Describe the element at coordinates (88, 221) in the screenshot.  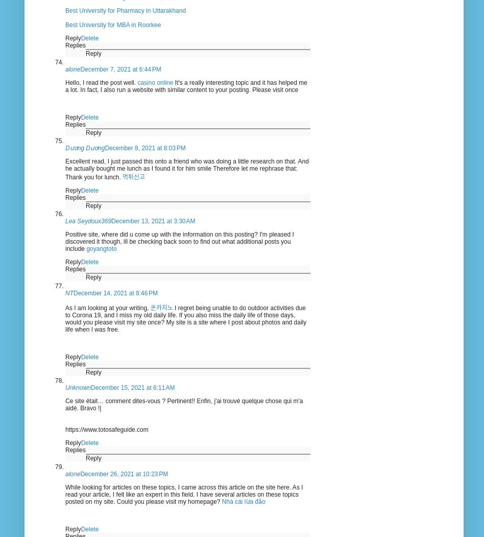
I see `'Lea Seydoux369'` at that location.